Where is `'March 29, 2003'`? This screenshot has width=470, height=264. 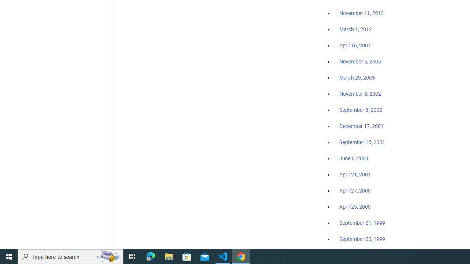 'March 29, 2003' is located at coordinates (357, 78).